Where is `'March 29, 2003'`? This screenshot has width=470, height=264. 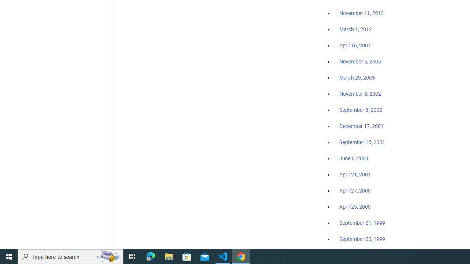 'March 29, 2003' is located at coordinates (357, 78).